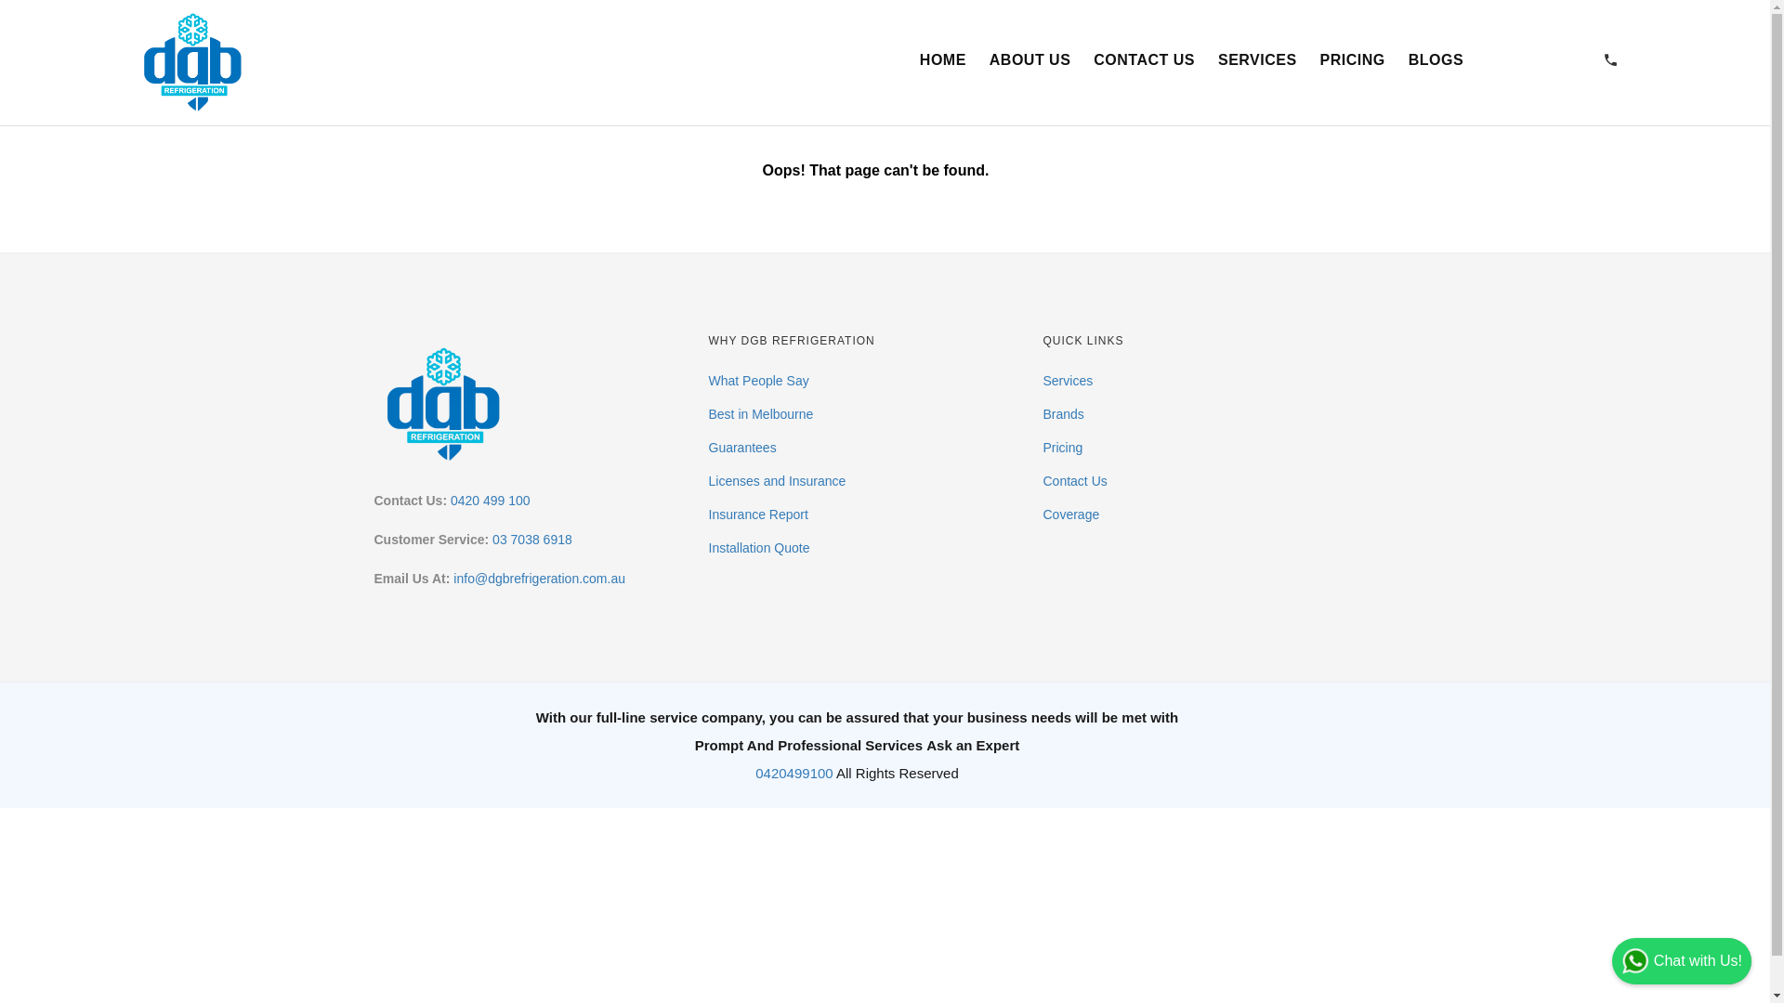 The width and height of the screenshot is (1784, 1003). Describe the element at coordinates (1067, 379) in the screenshot. I see `'Services'` at that location.